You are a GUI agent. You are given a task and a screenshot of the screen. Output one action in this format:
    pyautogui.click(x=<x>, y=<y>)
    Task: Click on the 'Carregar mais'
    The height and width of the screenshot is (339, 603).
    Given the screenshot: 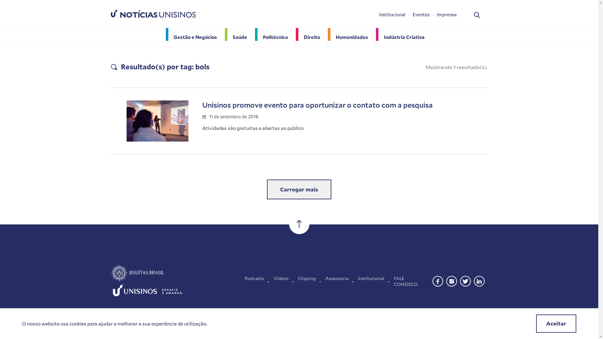 What is the action you would take?
    pyautogui.click(x=299, y=189)
    